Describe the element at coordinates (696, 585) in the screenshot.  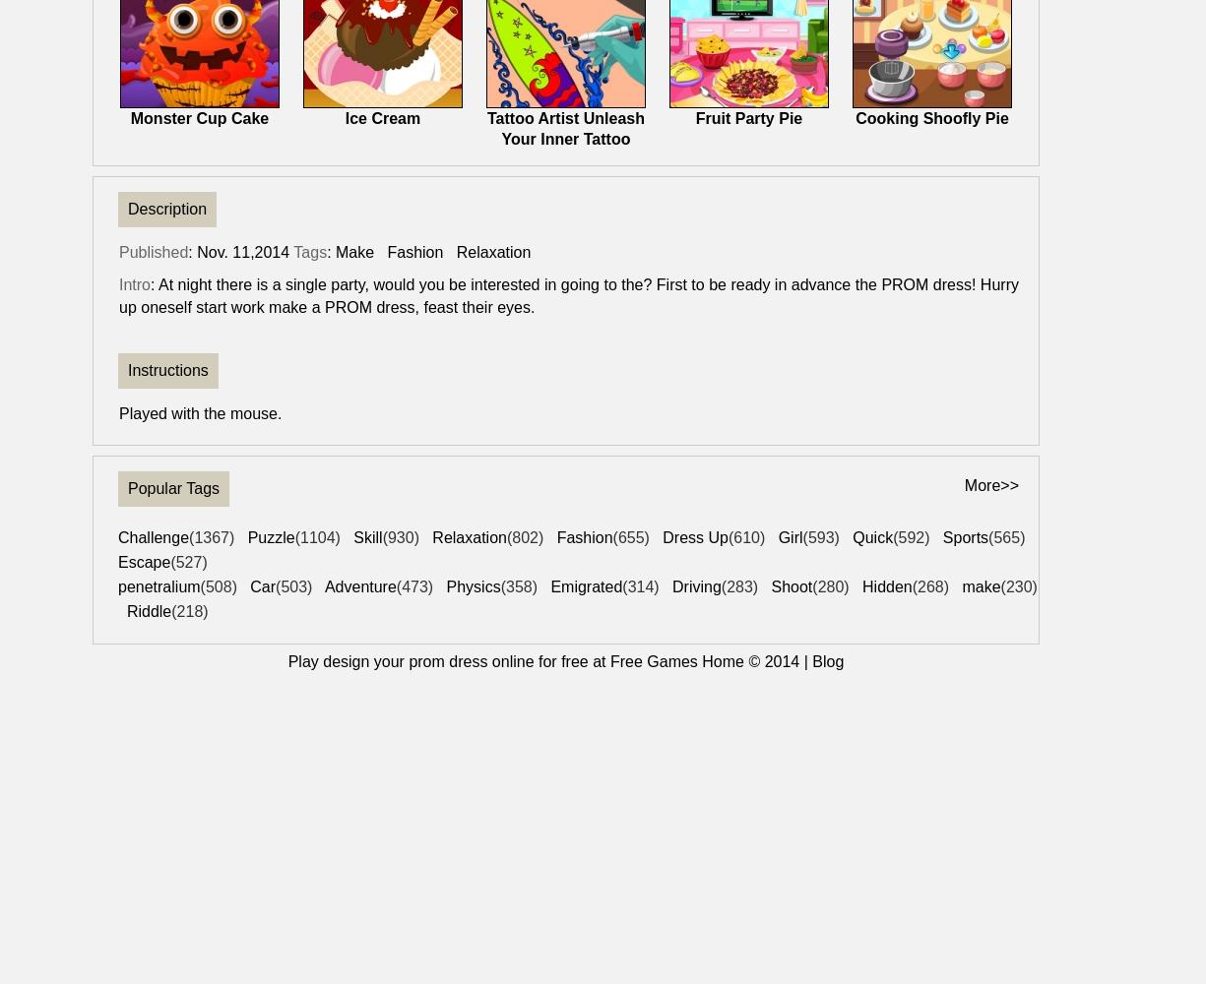
I see `'Driving'` at that location.